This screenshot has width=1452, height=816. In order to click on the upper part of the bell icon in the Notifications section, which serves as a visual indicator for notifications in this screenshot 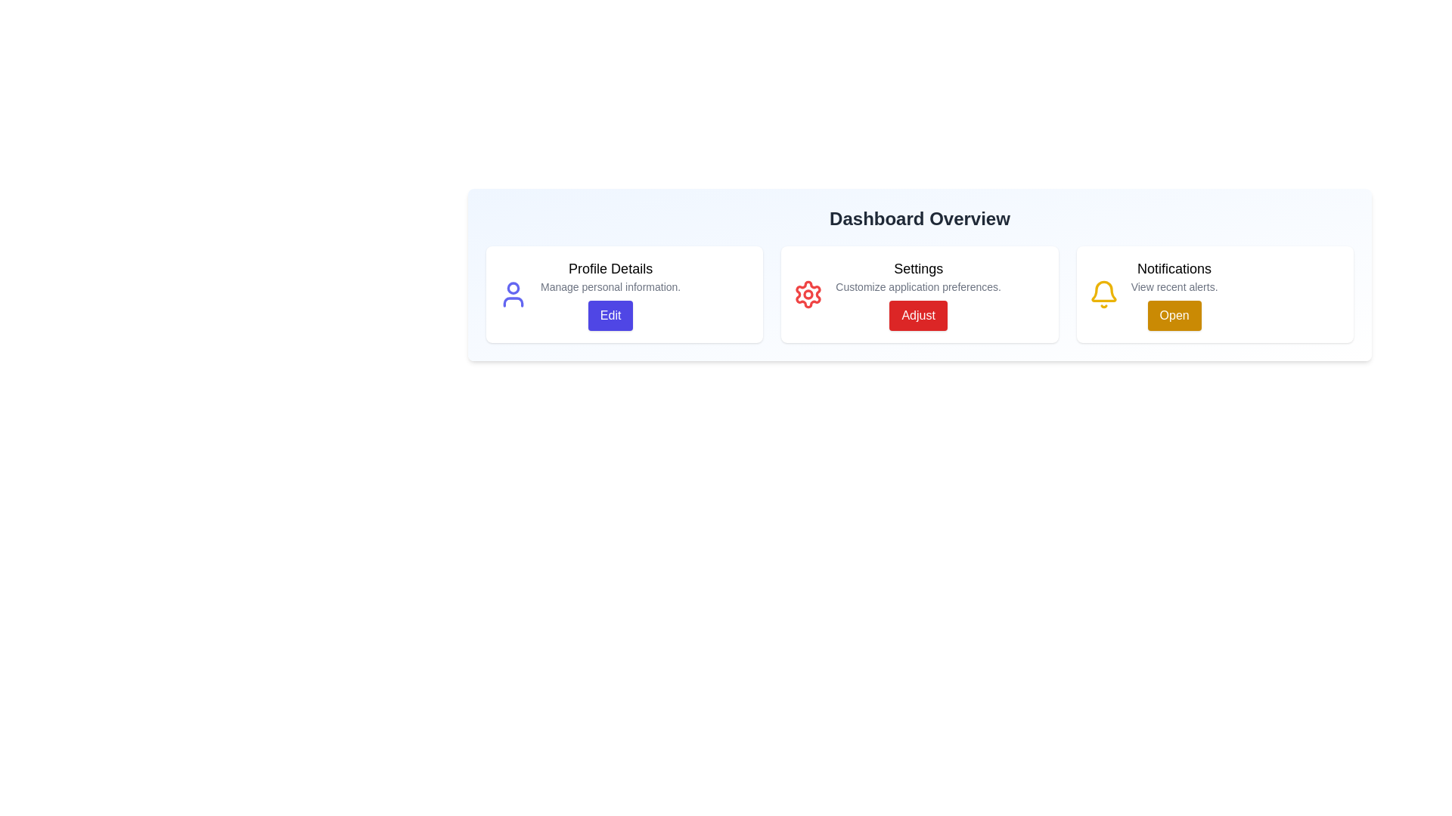, I will do `click(1103, 291)`.